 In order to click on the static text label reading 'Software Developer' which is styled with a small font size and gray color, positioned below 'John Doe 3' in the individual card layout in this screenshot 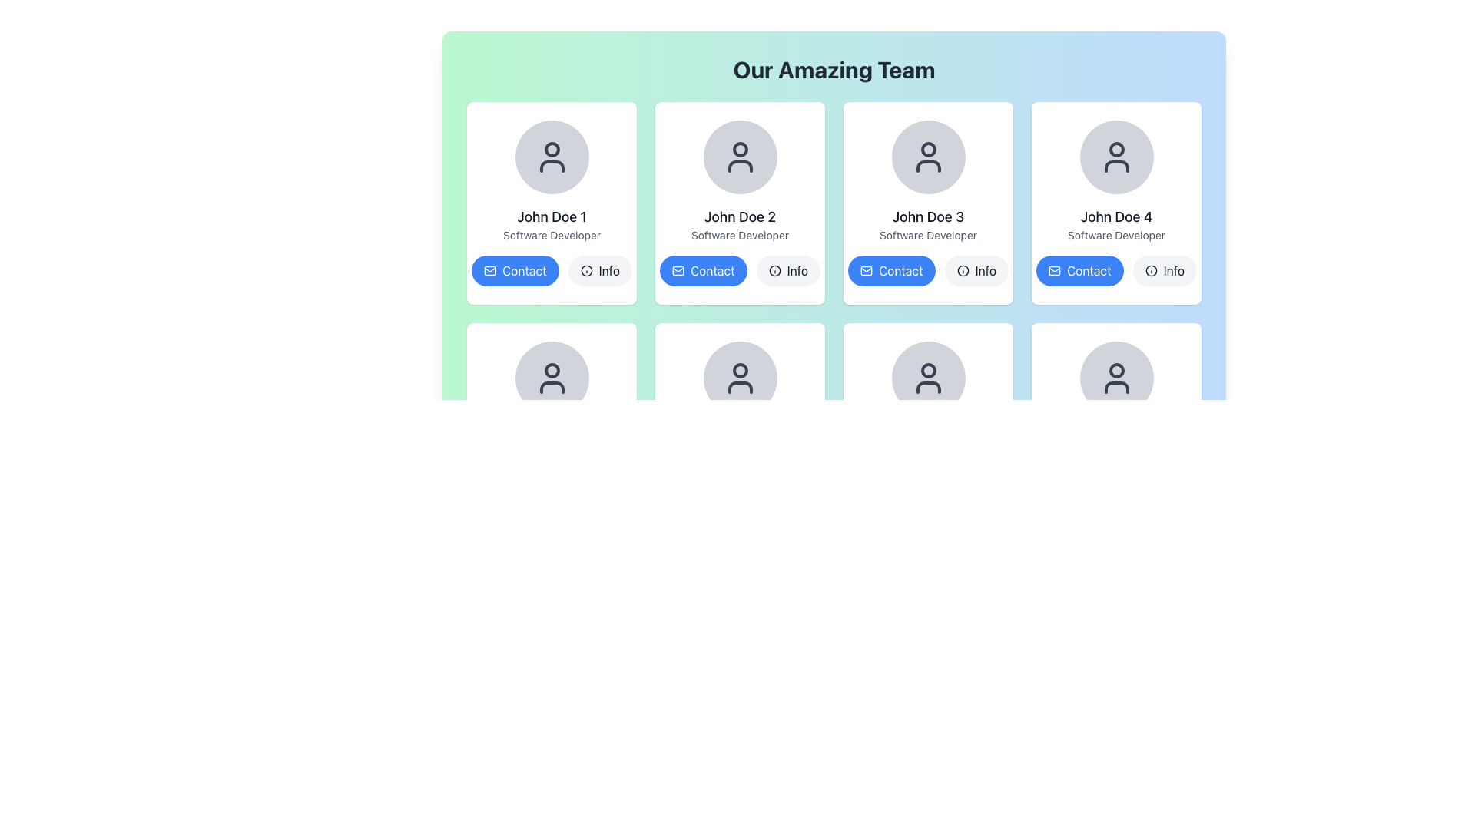, I will do `click(927, 236)`.